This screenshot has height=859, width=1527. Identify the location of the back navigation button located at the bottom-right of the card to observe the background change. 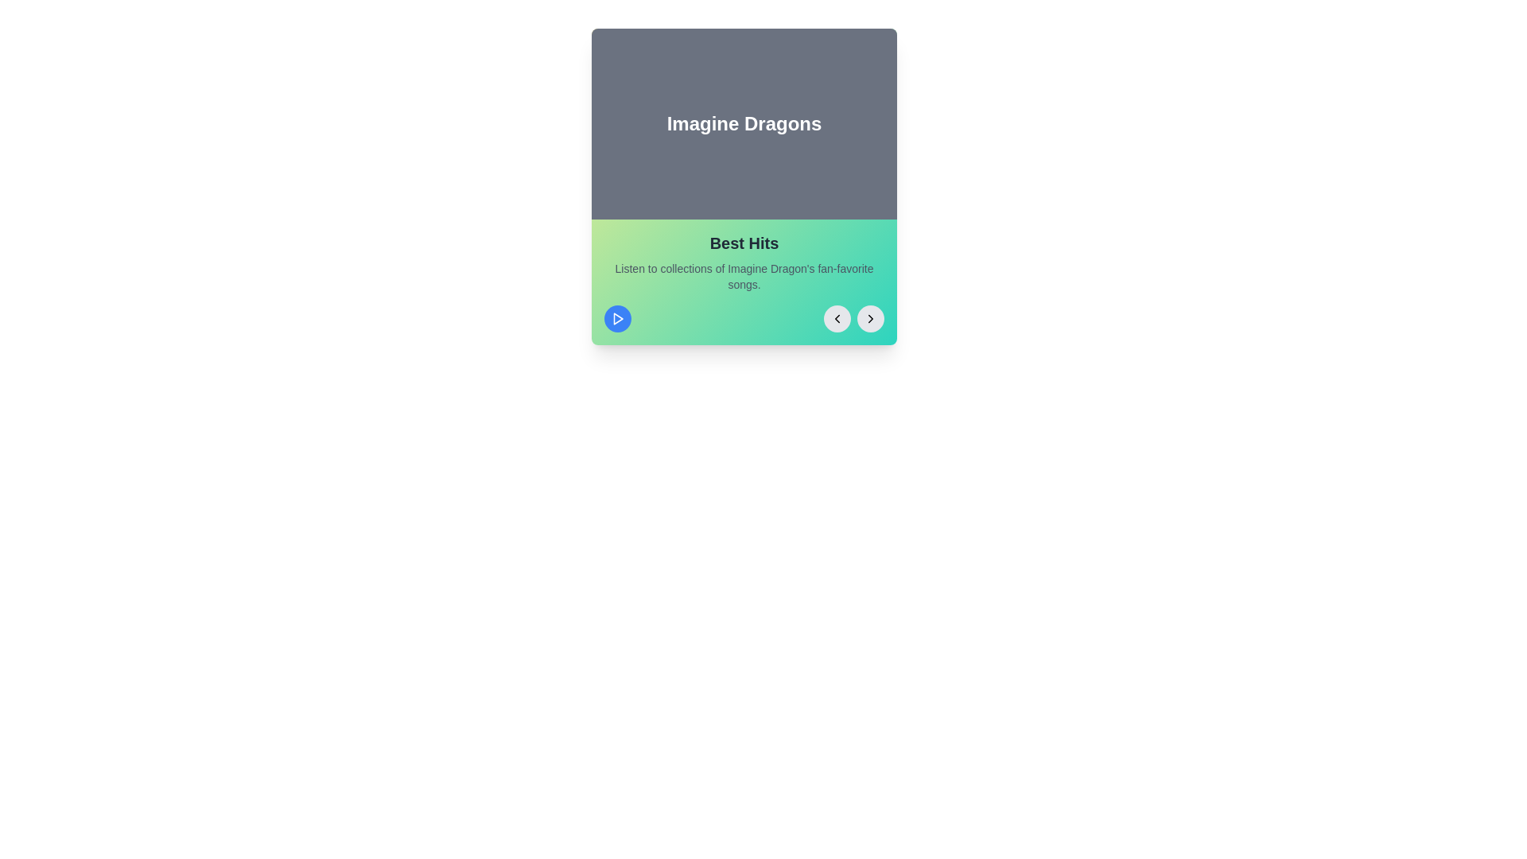
(836, 319).